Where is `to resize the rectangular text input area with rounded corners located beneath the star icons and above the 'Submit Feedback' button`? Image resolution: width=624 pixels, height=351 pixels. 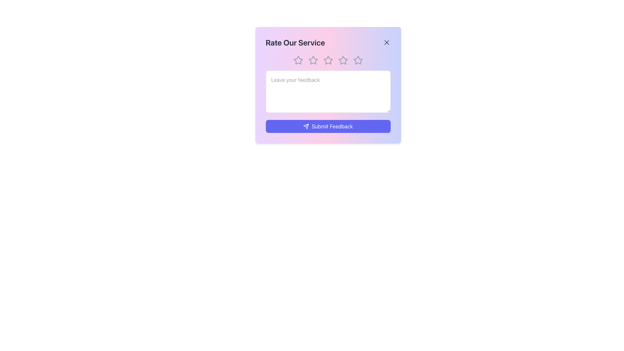
to resize the rectangular text input area with rounded corners located beneath the star icons and above the 'Submit Feedback' button is located at coordinates (328, 91).